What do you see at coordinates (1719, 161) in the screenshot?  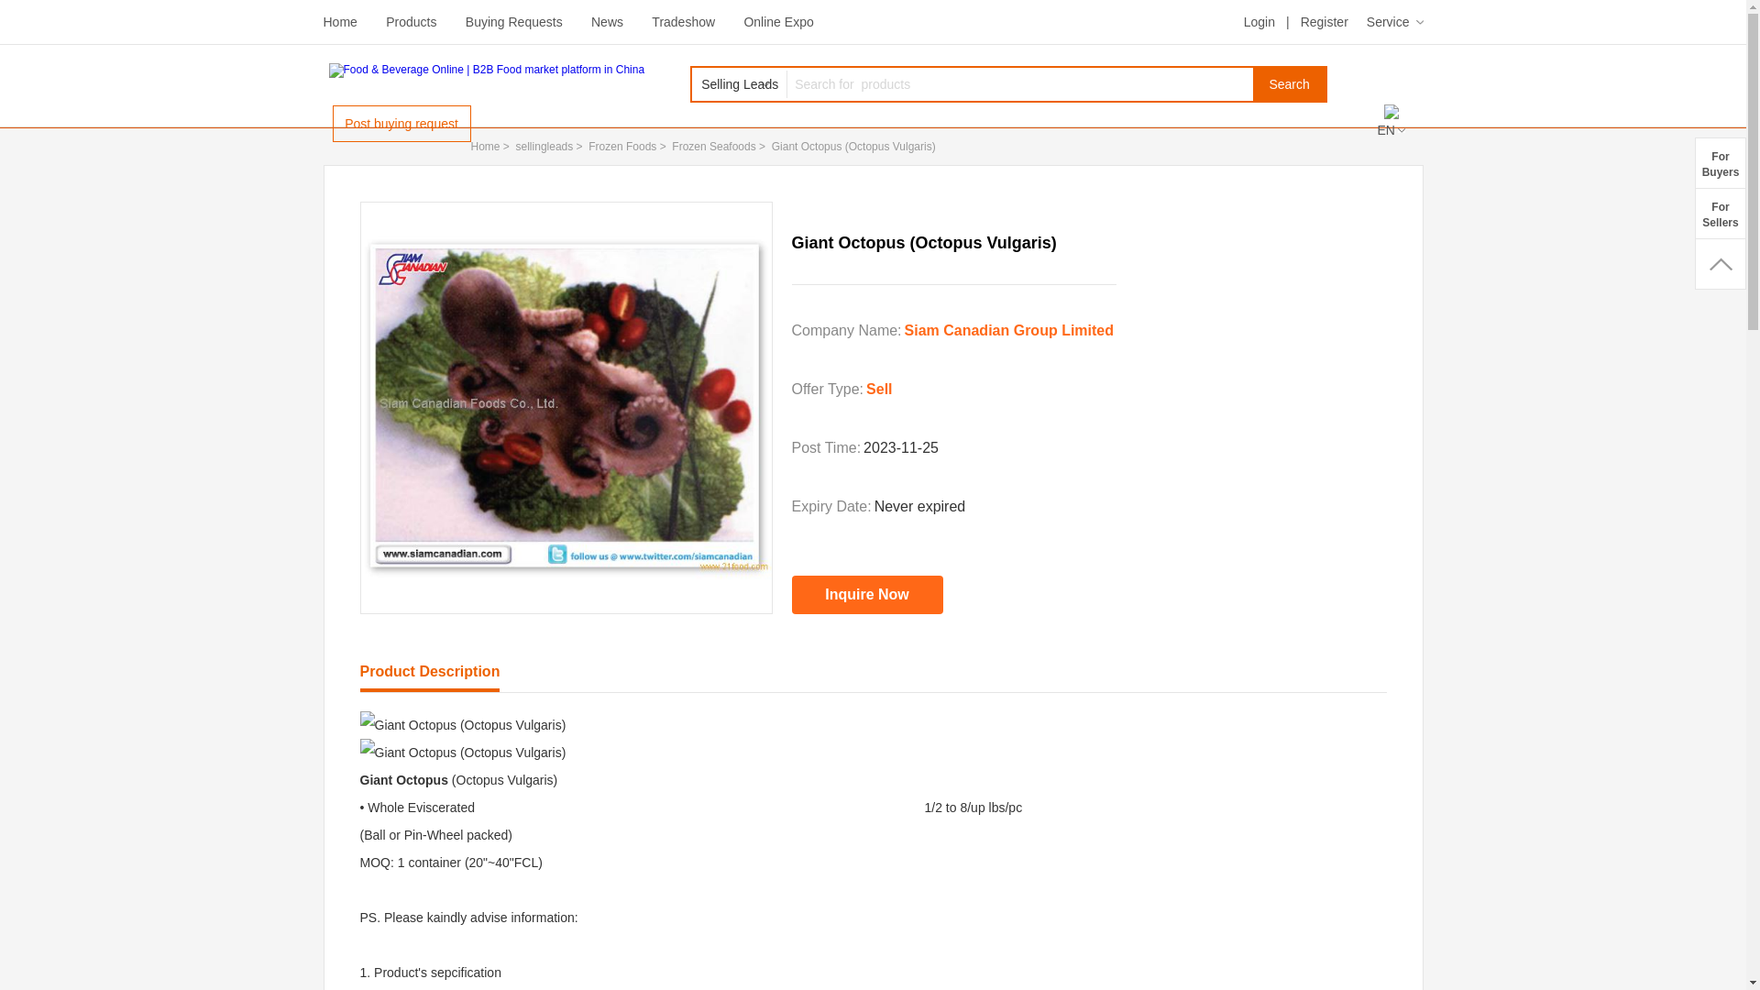 I see `'For` at bounding box center [1719, 161].